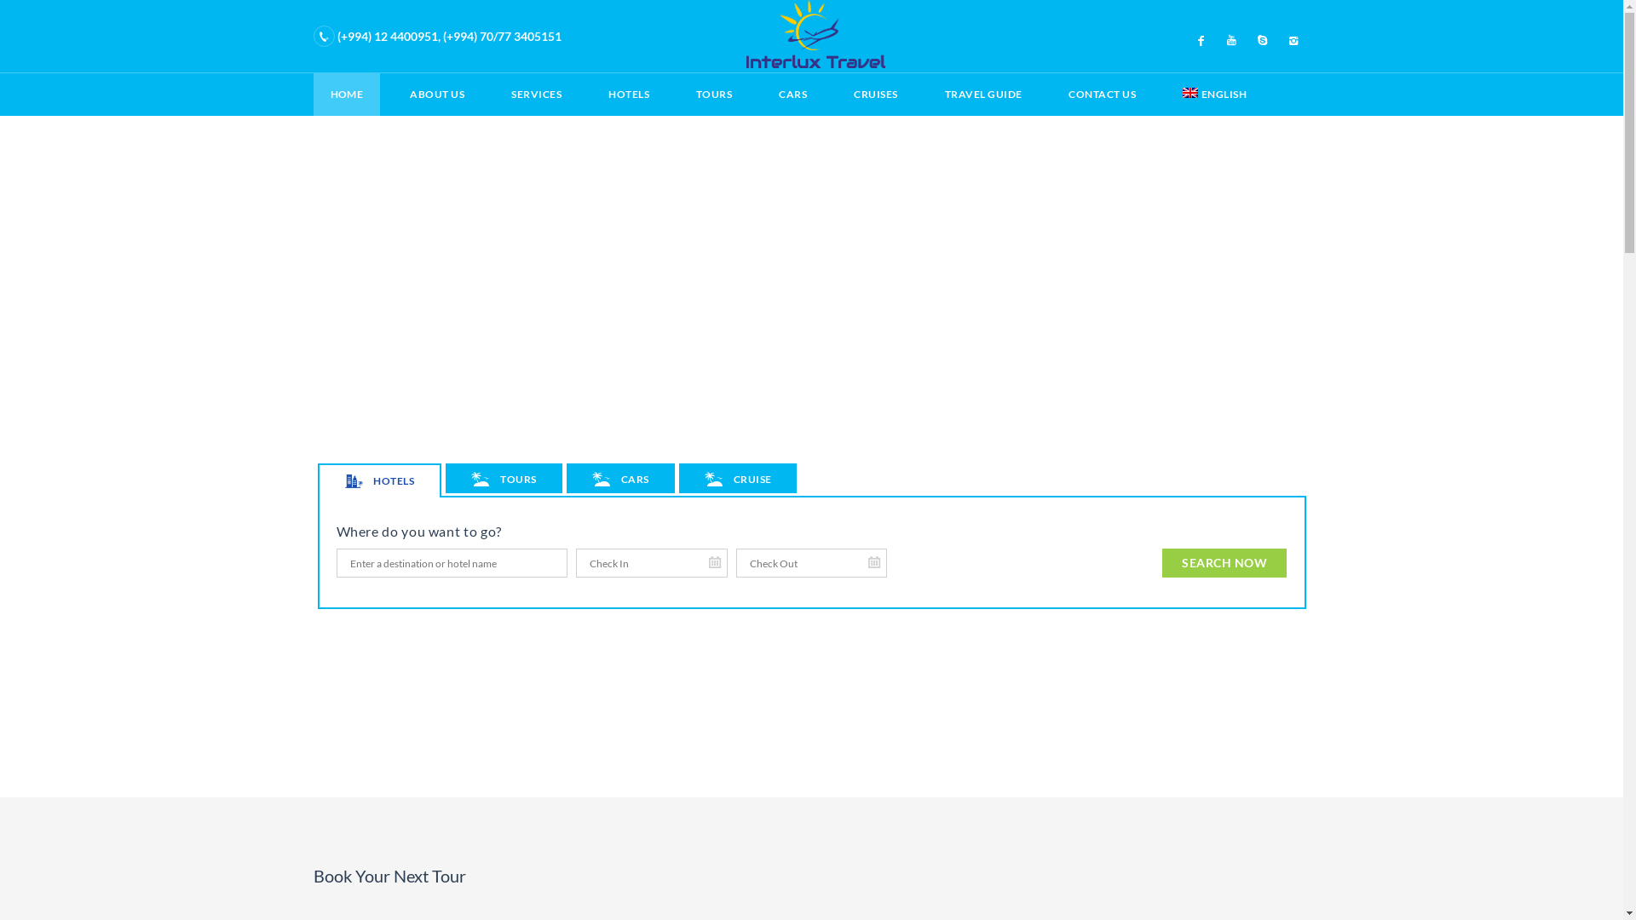 The image size is (1636, 920). I want to click on 'TRAVEL GUIDE', so click(983, 95).